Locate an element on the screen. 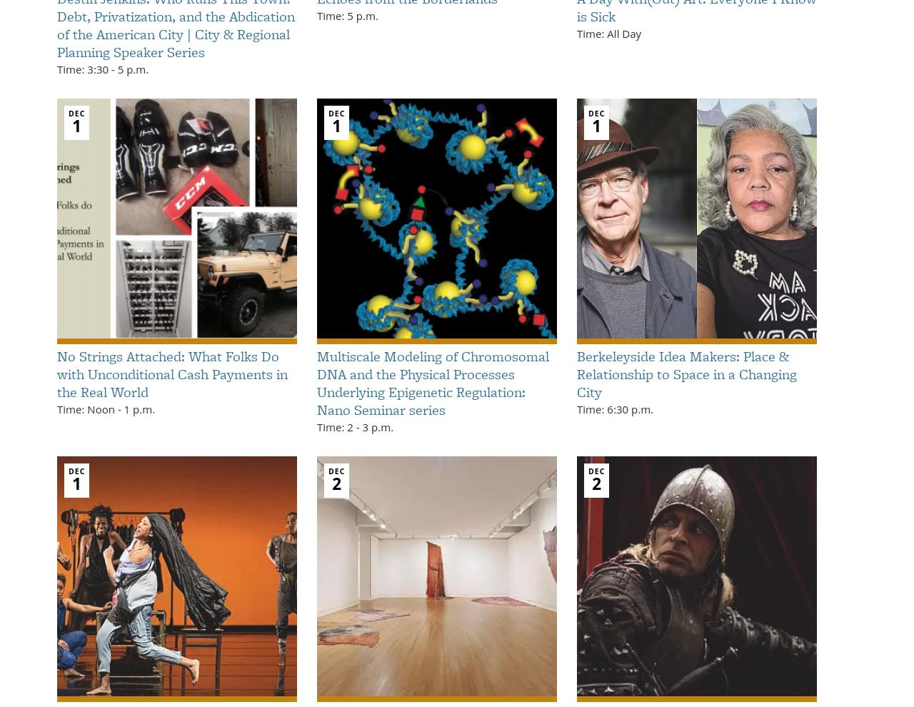 The width and height of the screenshot is (914, 707). 'No Strings Attached: What Folks Do with Unconditional Cash Payments in the Real World' is located at coordinates (171, 373).